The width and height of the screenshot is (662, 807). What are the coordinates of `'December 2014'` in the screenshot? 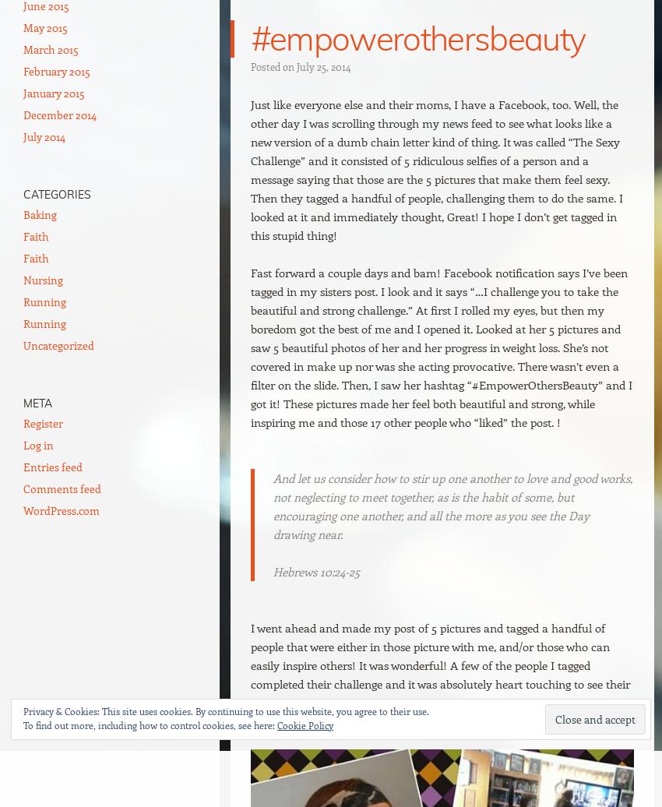 It's located at (23, 115).